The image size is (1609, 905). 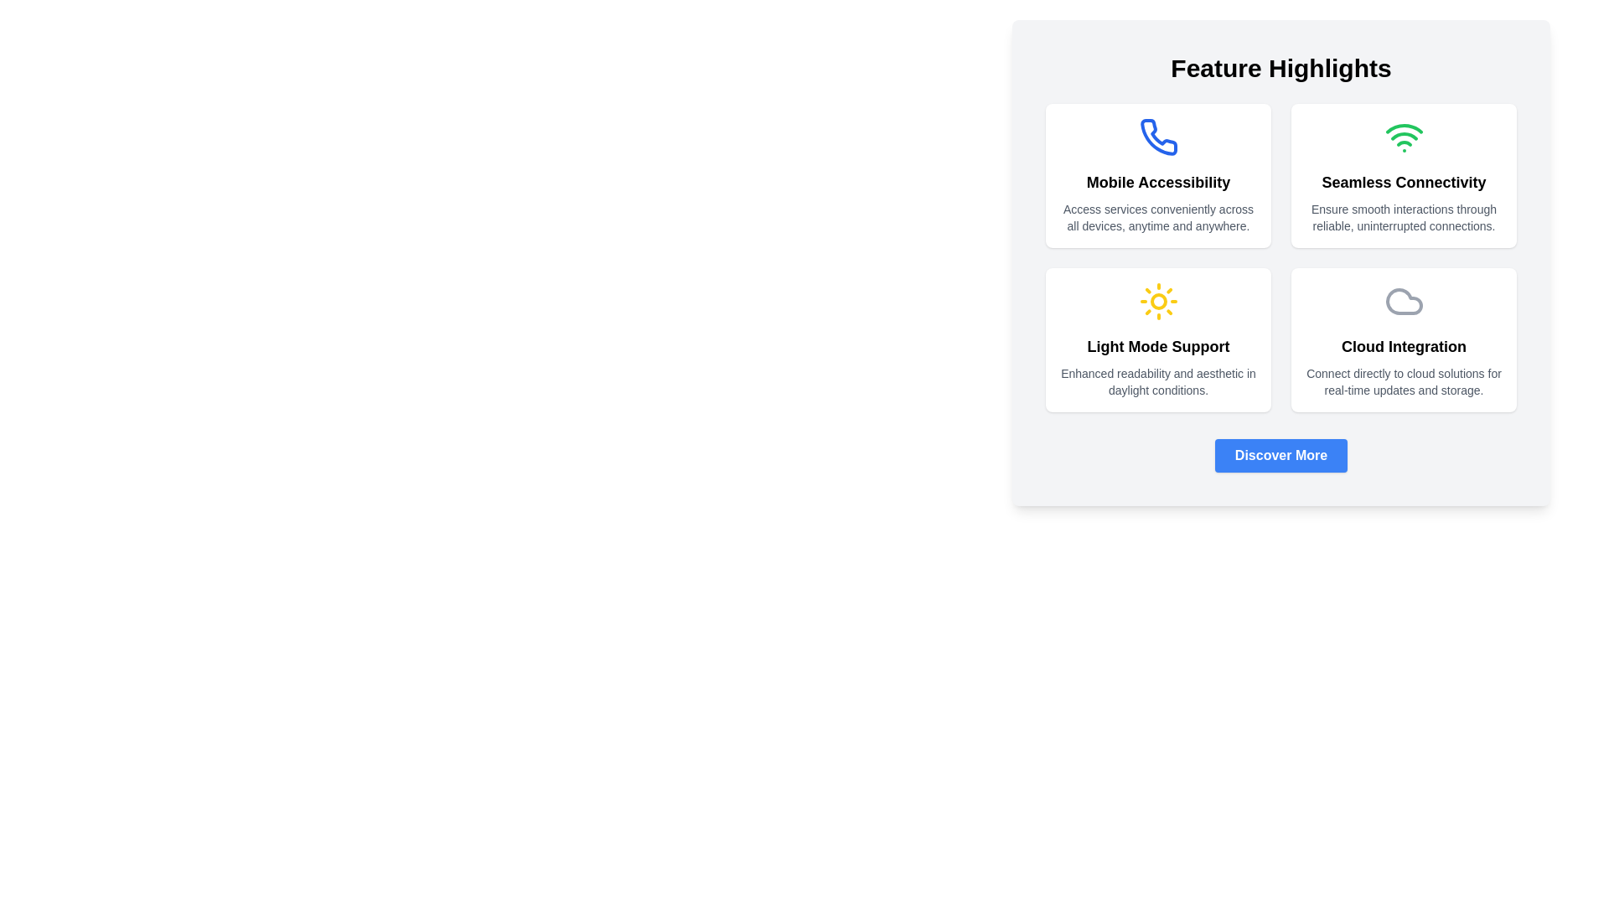 What do you see at coordinates (1157, 175) in the screenshot?
I see `the Informational card with the blue phone icon and the text 'Mobile Accessibility' located in the top-left quarter of the grid layout` at bounding box center [1157, 175].